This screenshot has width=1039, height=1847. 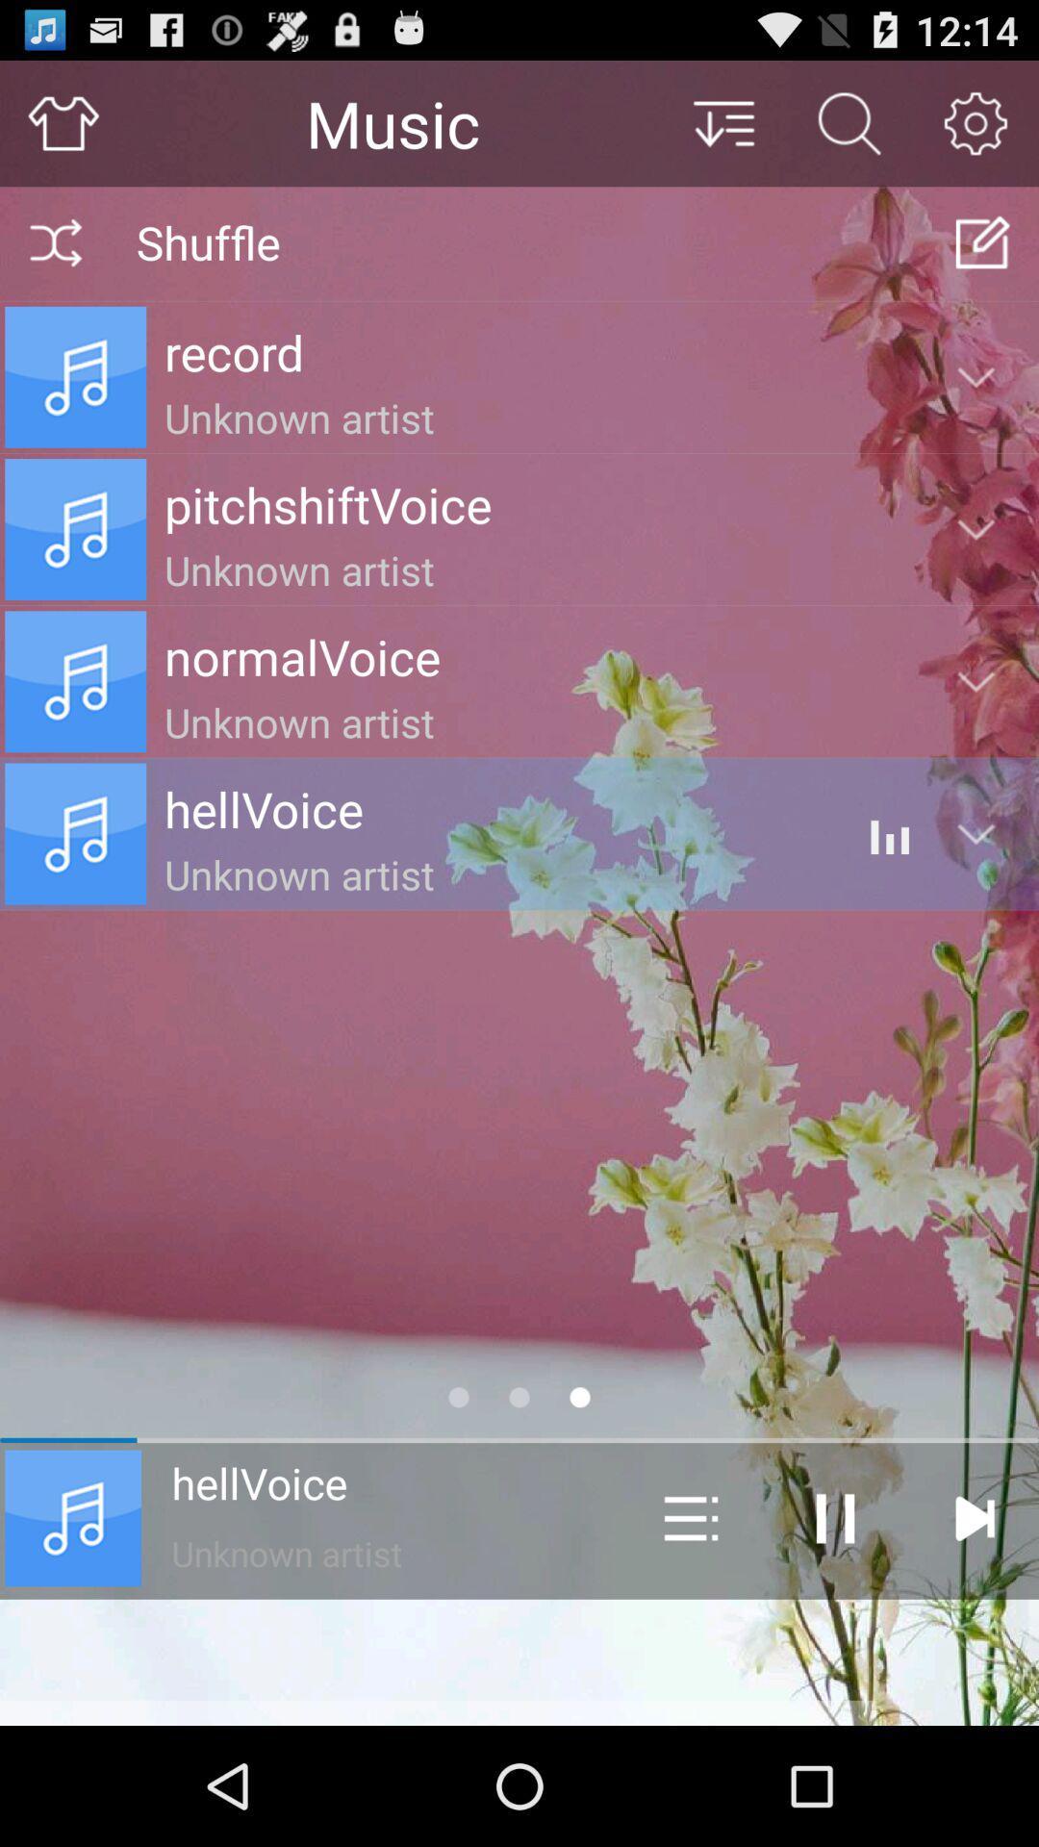 What do you see at coordinates (849, 131) in the screenshot?
I see `the search icon` at bounding box center [849, 131].